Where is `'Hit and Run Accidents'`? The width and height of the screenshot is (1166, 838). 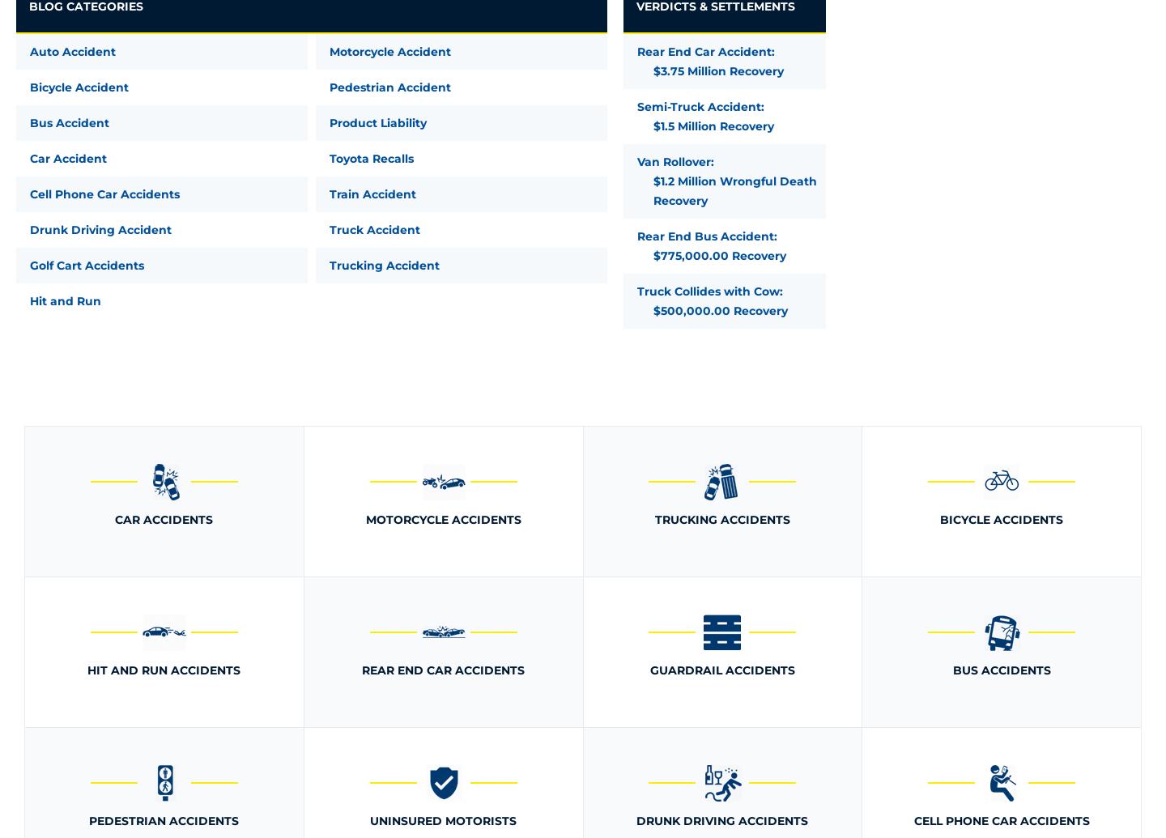 'Hit and Run Accidents' is located at coordinates (164, 670).